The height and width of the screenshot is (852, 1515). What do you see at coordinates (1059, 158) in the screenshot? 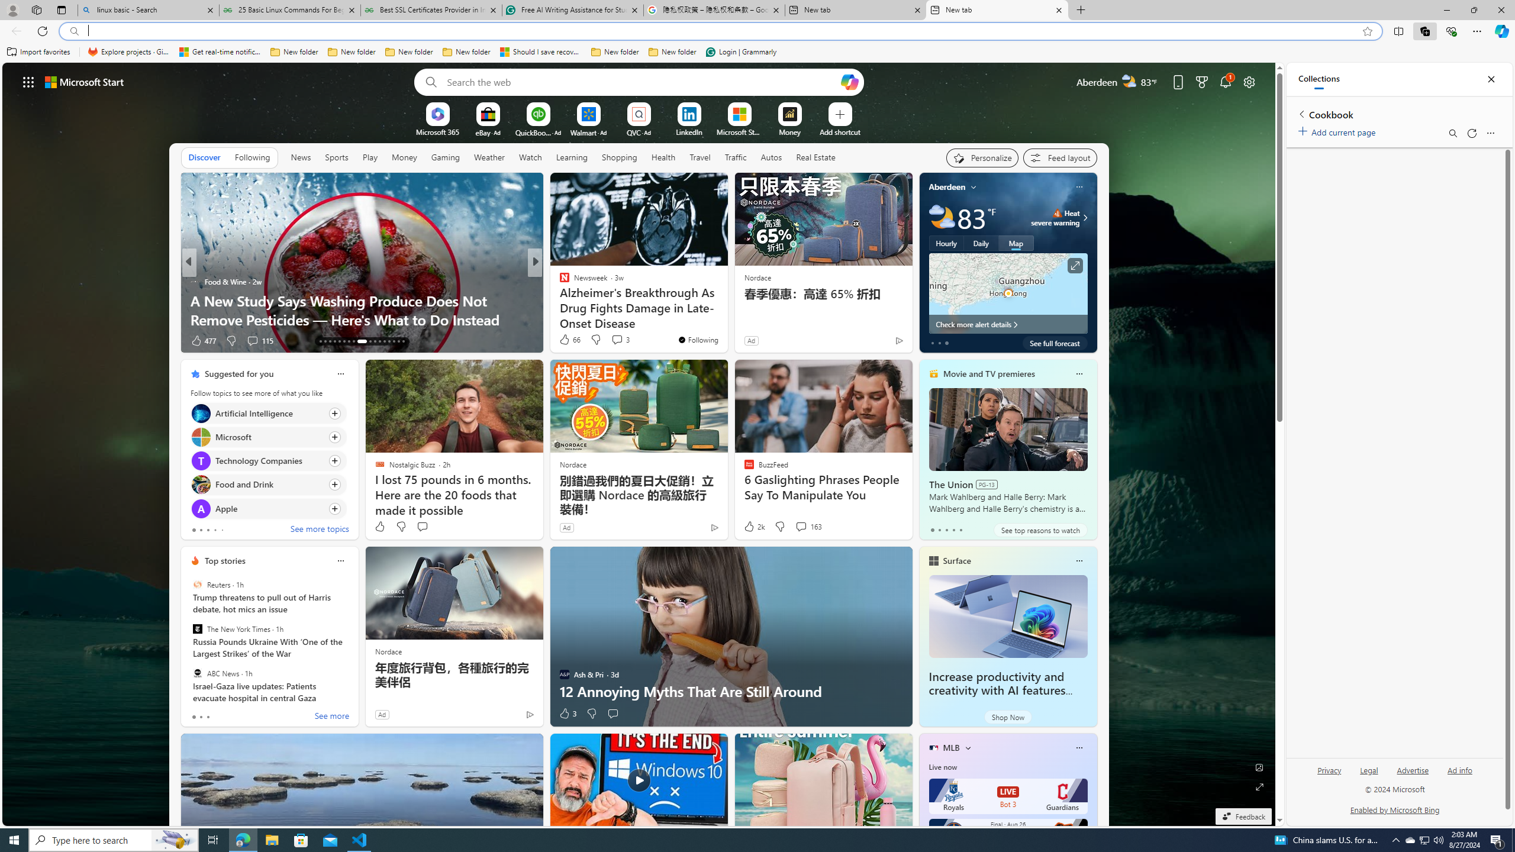
I see `'Feed settings'` at bounding box center [1059, 158].